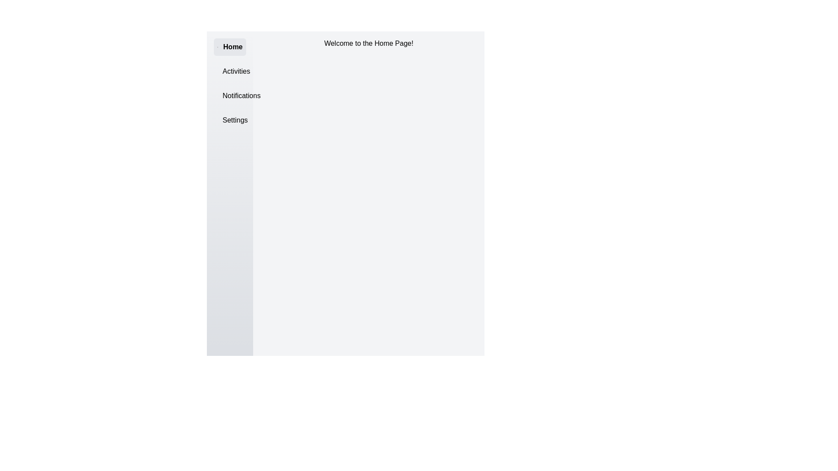  I want to click on the 'Notifications' menu item, which is the third option in the vertical menu on the left, located below 'Activities' and above 'Settings', so click(230, 96).